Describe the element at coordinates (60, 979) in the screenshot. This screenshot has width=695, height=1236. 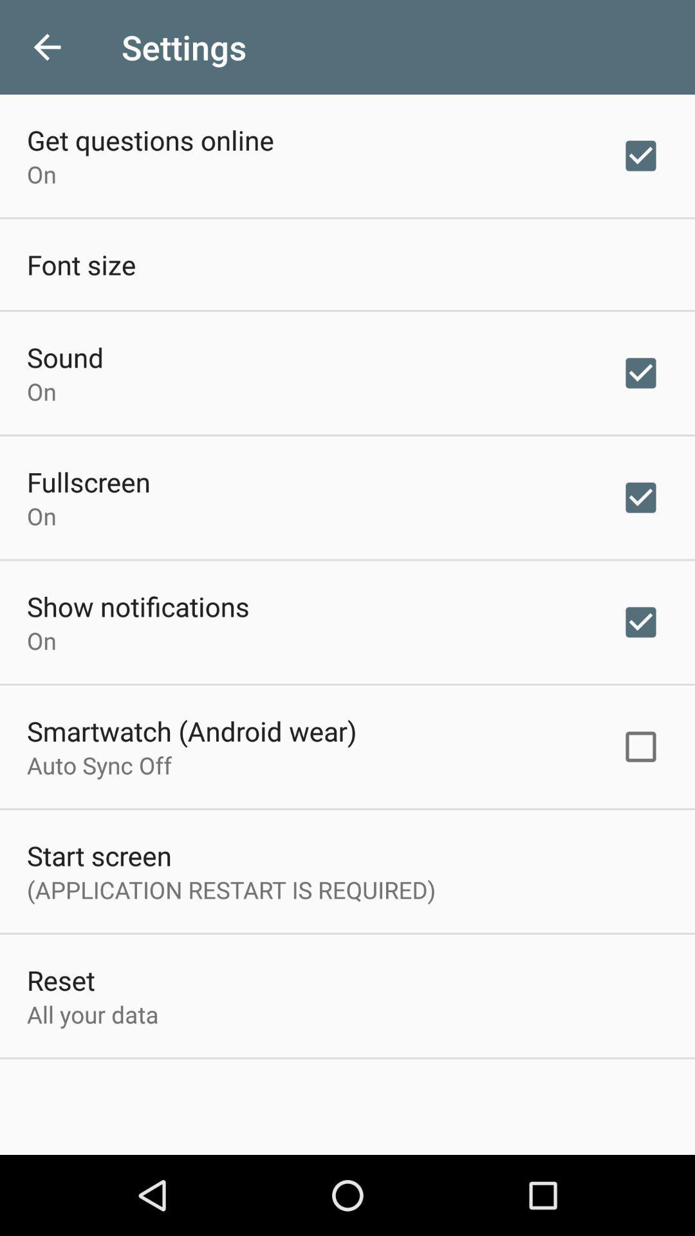
I see `the icon above all your data` at that location.